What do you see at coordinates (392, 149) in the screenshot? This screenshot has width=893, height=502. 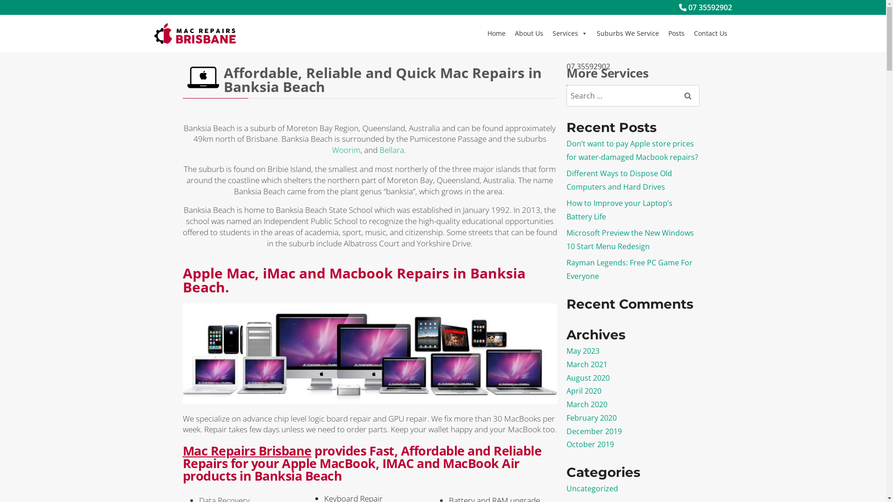 I see `'Bellara'` at bounding box center [392, 149].